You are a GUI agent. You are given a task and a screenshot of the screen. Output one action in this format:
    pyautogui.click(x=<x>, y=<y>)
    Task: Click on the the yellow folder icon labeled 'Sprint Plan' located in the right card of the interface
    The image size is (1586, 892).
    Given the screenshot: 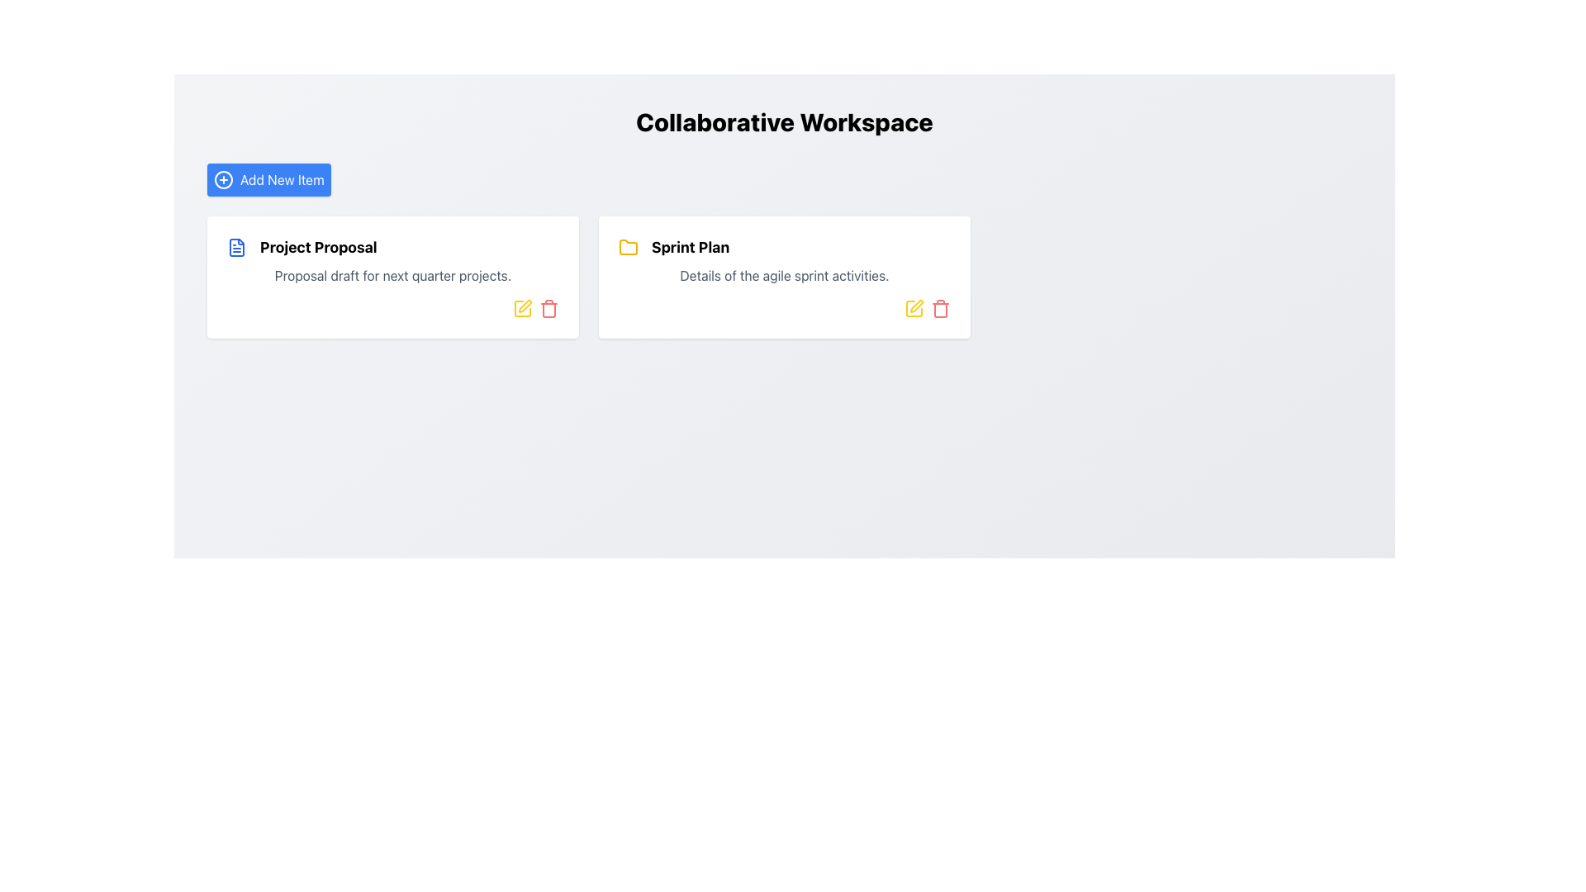 What is the action you would take?
    pyautogui.click(x=628, y=247)
    